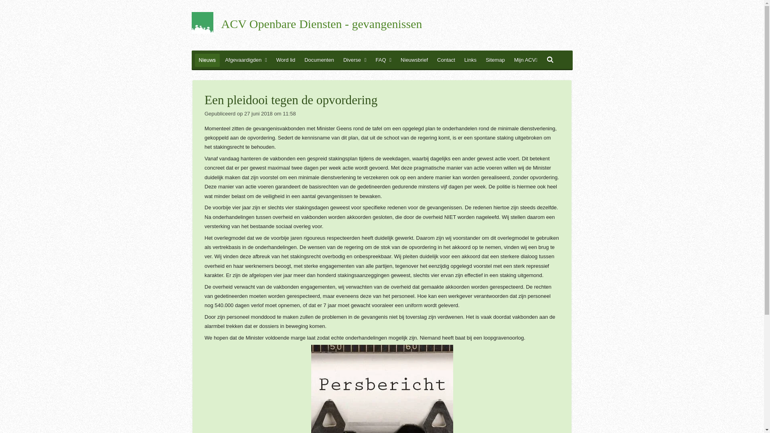 This screenshot has height=433, width=770. What do you see at coordinates (383, 60) in the screenshot?
I see `'FAQ'` at bounding box center [383, 60].